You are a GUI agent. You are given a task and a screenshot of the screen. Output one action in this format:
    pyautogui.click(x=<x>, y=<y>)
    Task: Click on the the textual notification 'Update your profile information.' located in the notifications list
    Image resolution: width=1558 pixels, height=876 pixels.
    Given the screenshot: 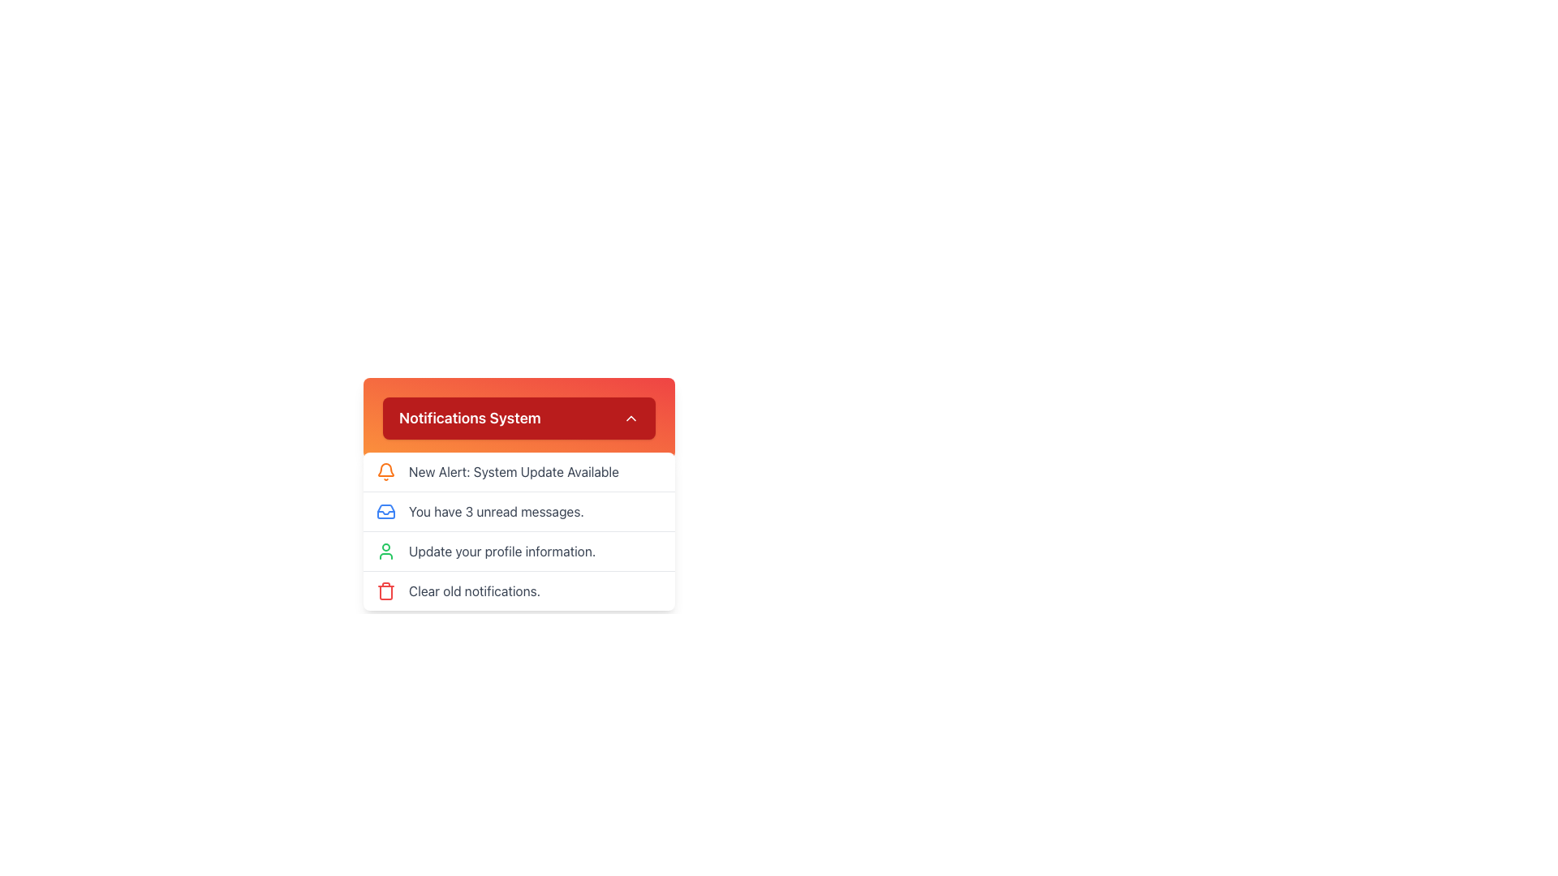 What is the action you would take?
    pyautogui.click(x=501, y=550)
    